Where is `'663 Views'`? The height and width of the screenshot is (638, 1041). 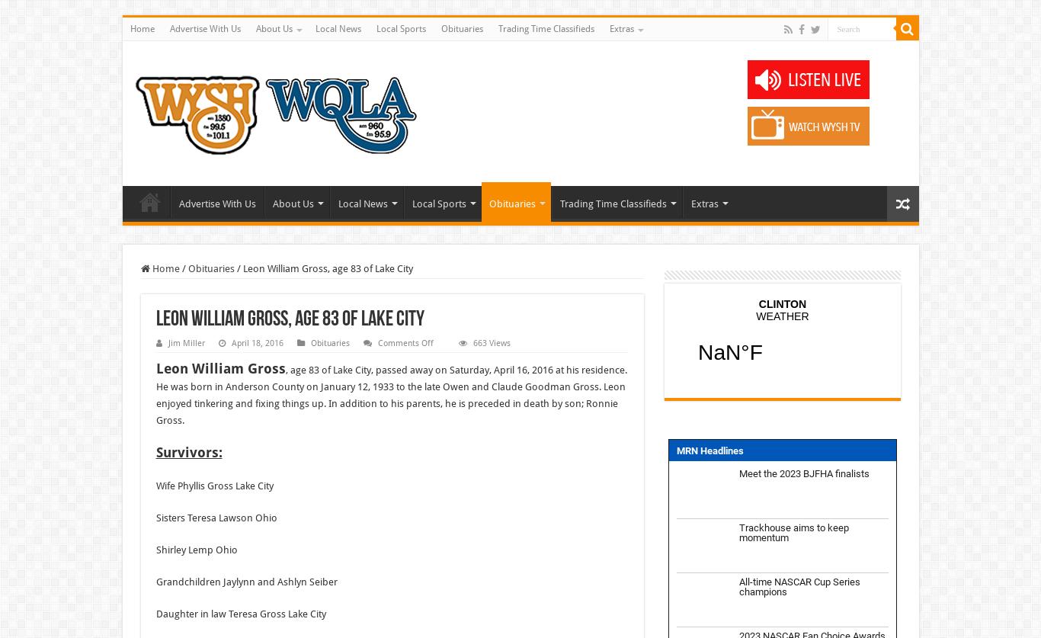
'663 Views' is located at coordinates (490, 342).